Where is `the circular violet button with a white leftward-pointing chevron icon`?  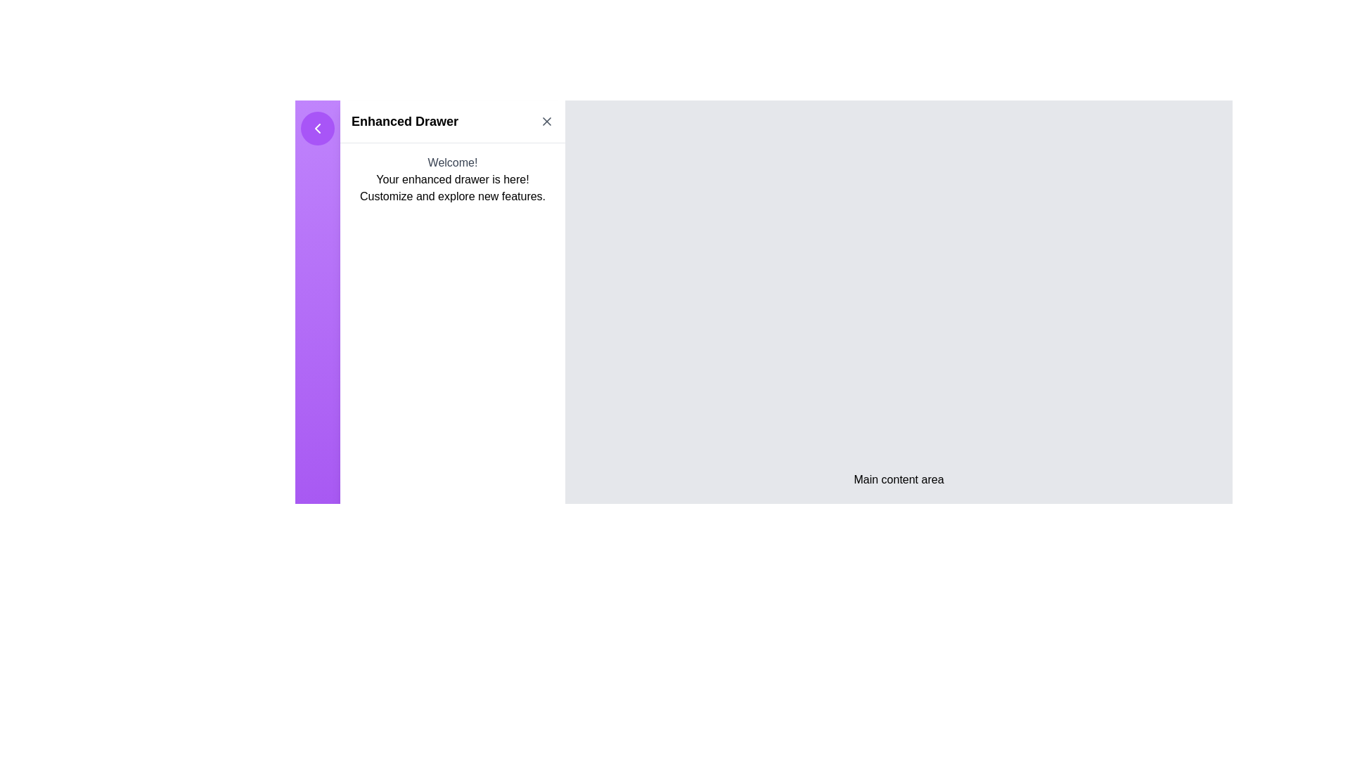
the circular violet button with a white leftward-pointing chevron icon is located at coordinates (316, 128).